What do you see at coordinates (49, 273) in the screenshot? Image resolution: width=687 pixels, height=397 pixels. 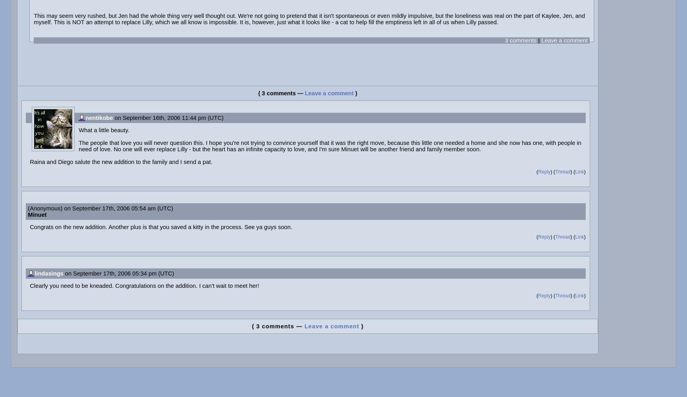 I see `'lindasings'` at bounding box center [49, 273].